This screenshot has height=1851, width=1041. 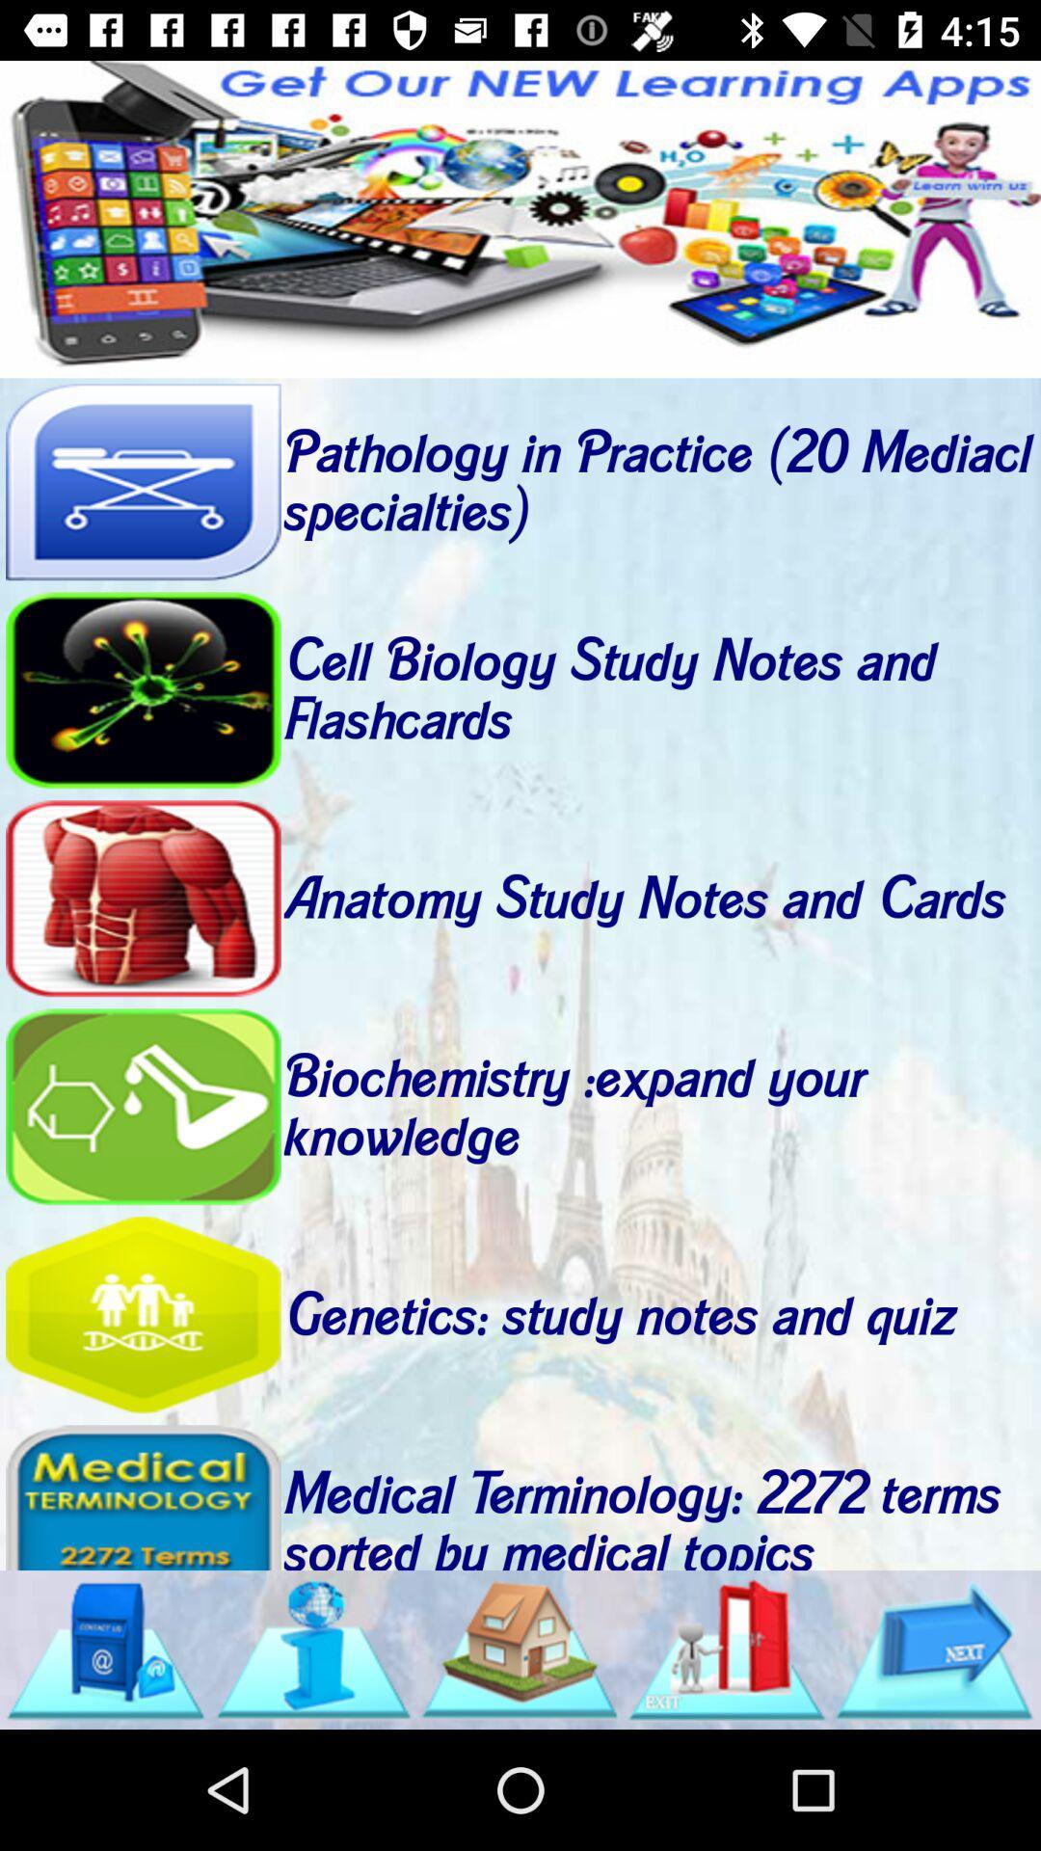 I want to click on the info icon, so click(x=311, y=1649).